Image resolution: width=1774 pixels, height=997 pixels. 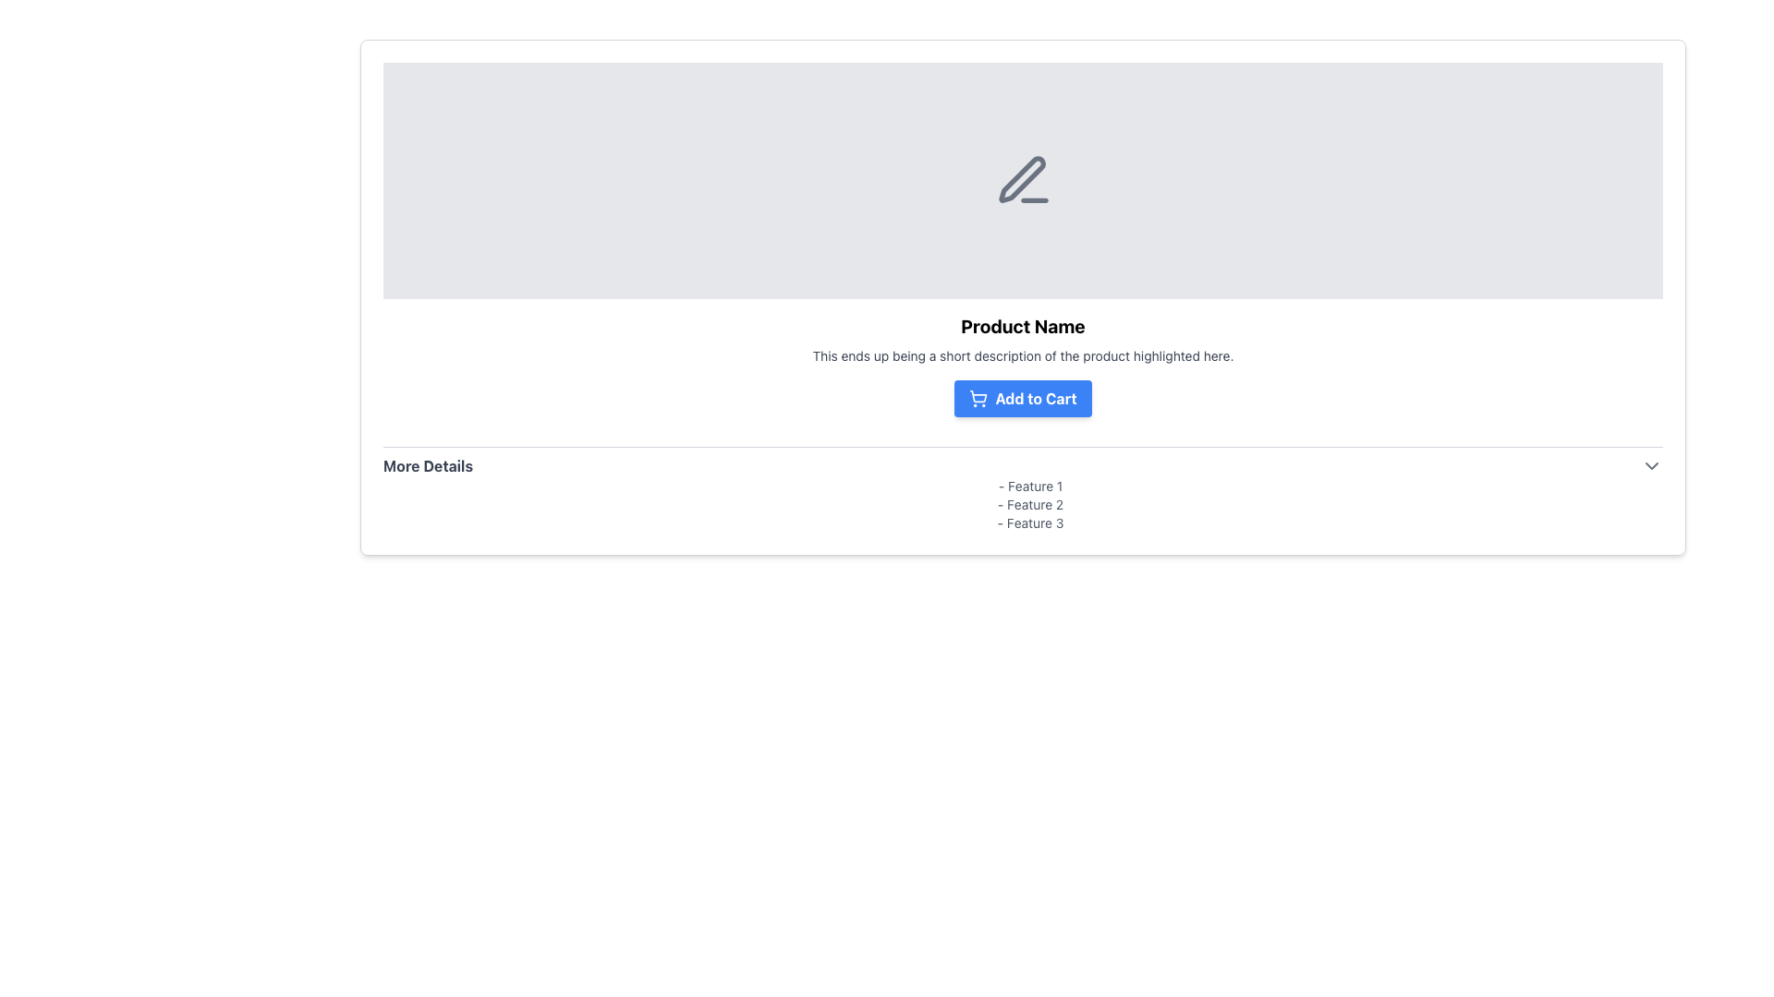 I want to click on the decorative icon next to the 'Add to Cart' button, which enhances the representation of the cart action, so click(x=978, y=398).